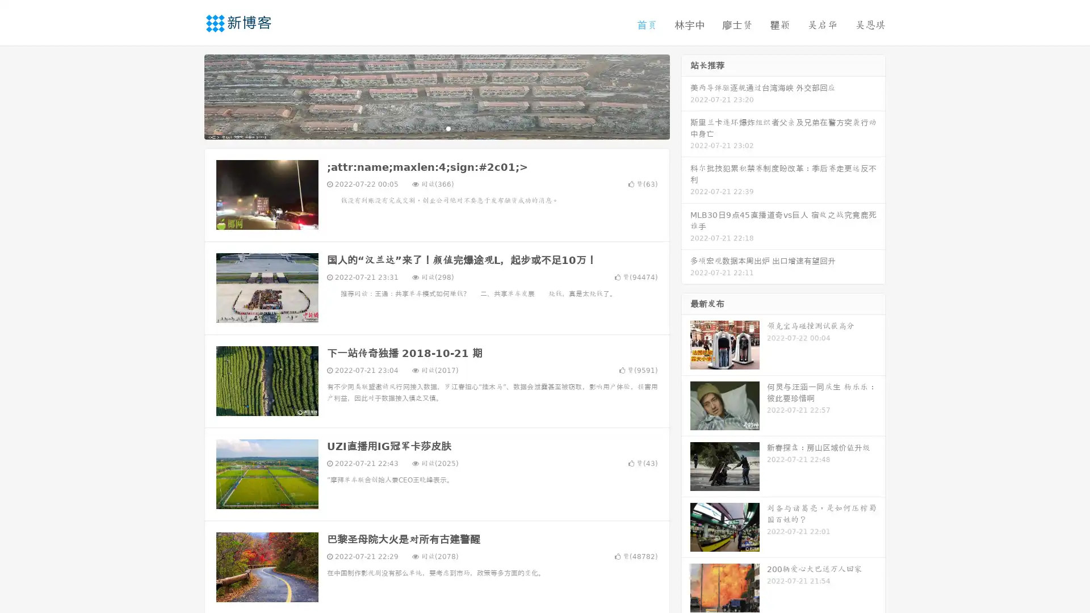  Describe the element at coordinates (448, 128) in the screenshot. I see `Go to slide 3` at that location.